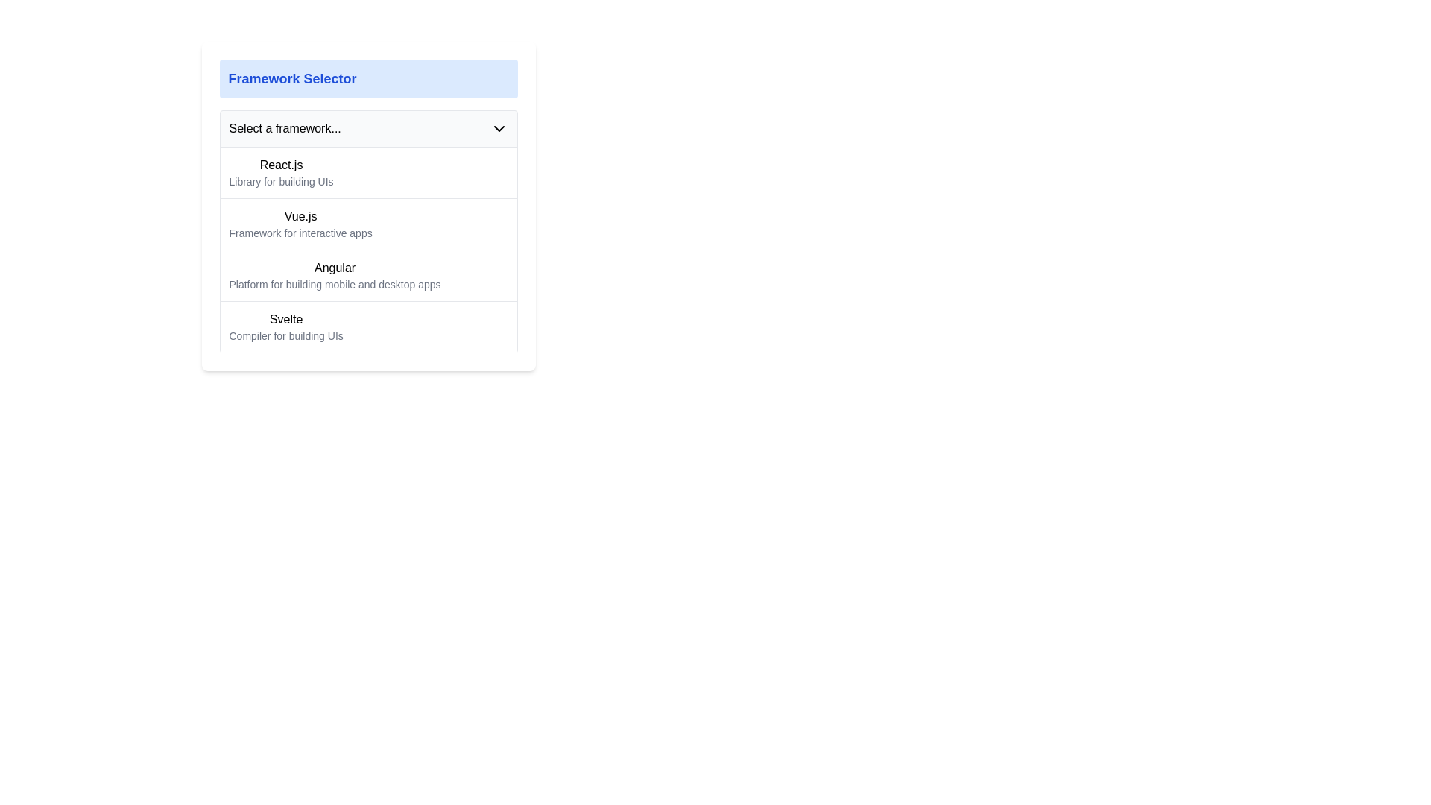 The image size is (1431, 805). I want to click on the dropdown menu button labeled 'Select a framework...', so click(368, 128).